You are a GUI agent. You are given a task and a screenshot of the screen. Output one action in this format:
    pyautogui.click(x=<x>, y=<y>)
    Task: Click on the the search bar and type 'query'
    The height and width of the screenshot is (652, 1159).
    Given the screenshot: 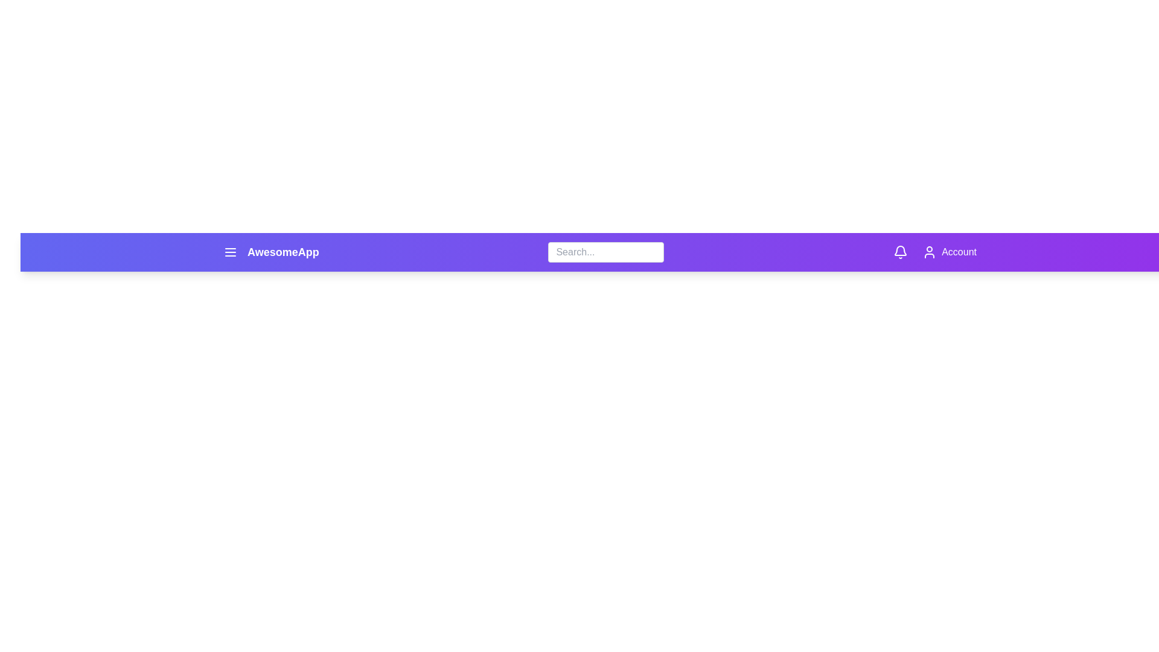 What is the action you would take?
    pyautogui.click(x=605, y=251)
    